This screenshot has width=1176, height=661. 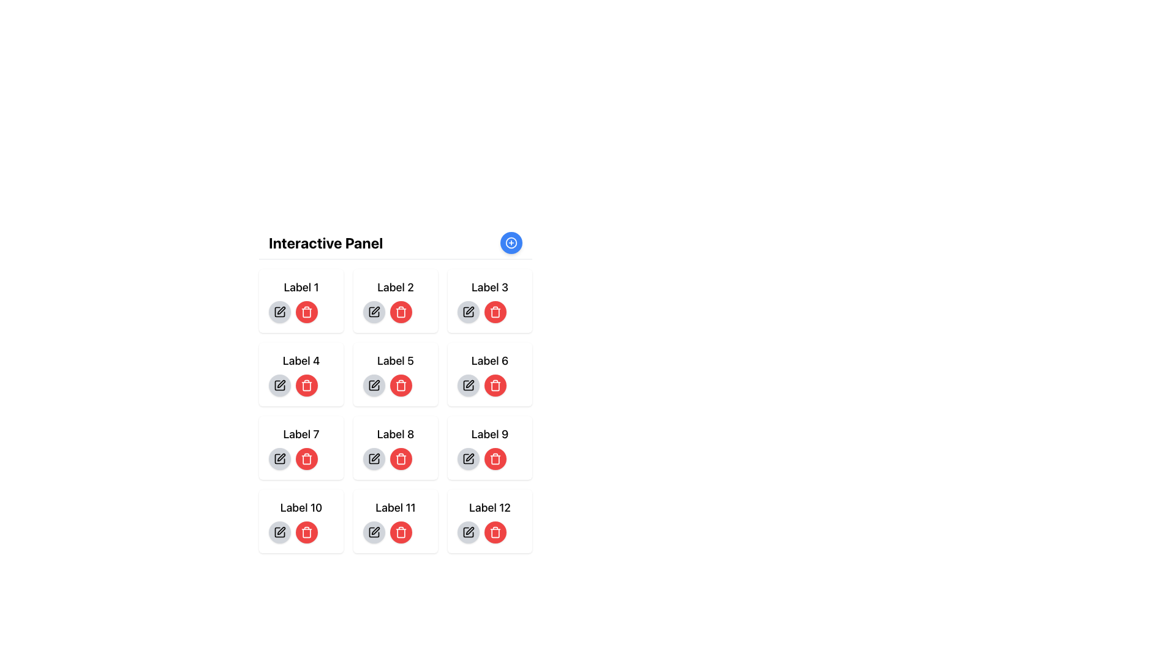 I want to click on the 'edit' icon located in the second row of the grid under the 'Interactive Panel' header in the card labeled 'Label 2', so click(x=375, y=310).